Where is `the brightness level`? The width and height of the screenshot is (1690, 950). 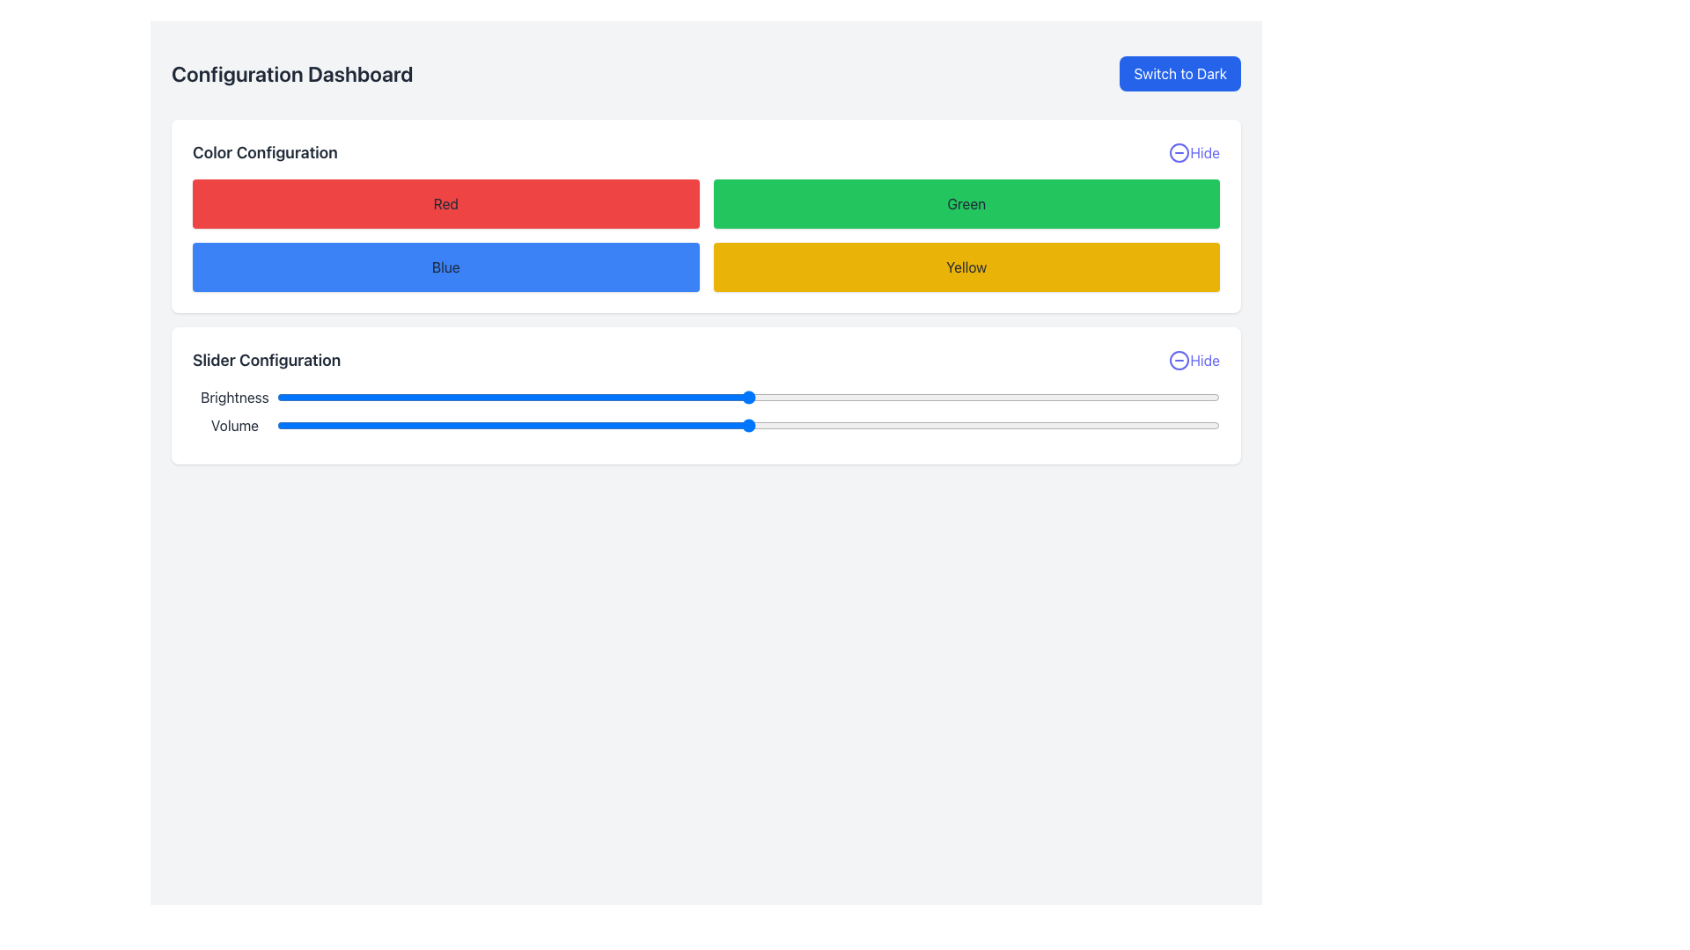
the brightness level is located at coordinates (626, 397).